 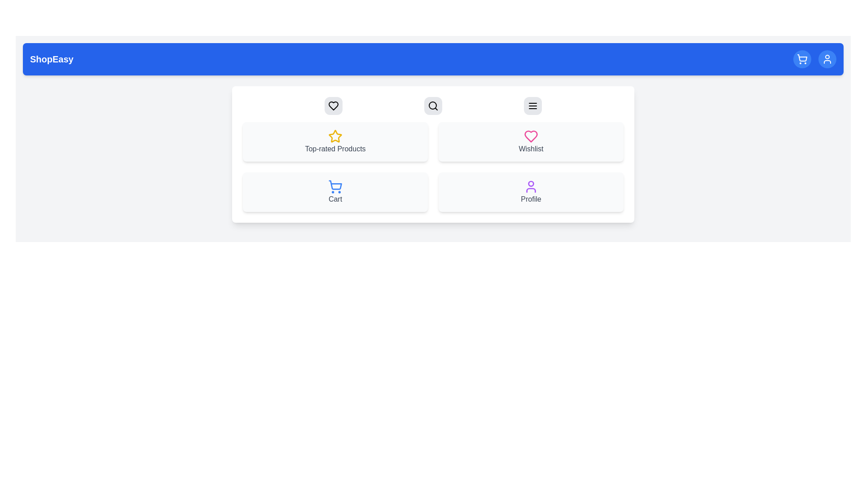 I want to click on the rounded rectangular icon button with a light gray background and a search icon, so click(x=433, y=105).